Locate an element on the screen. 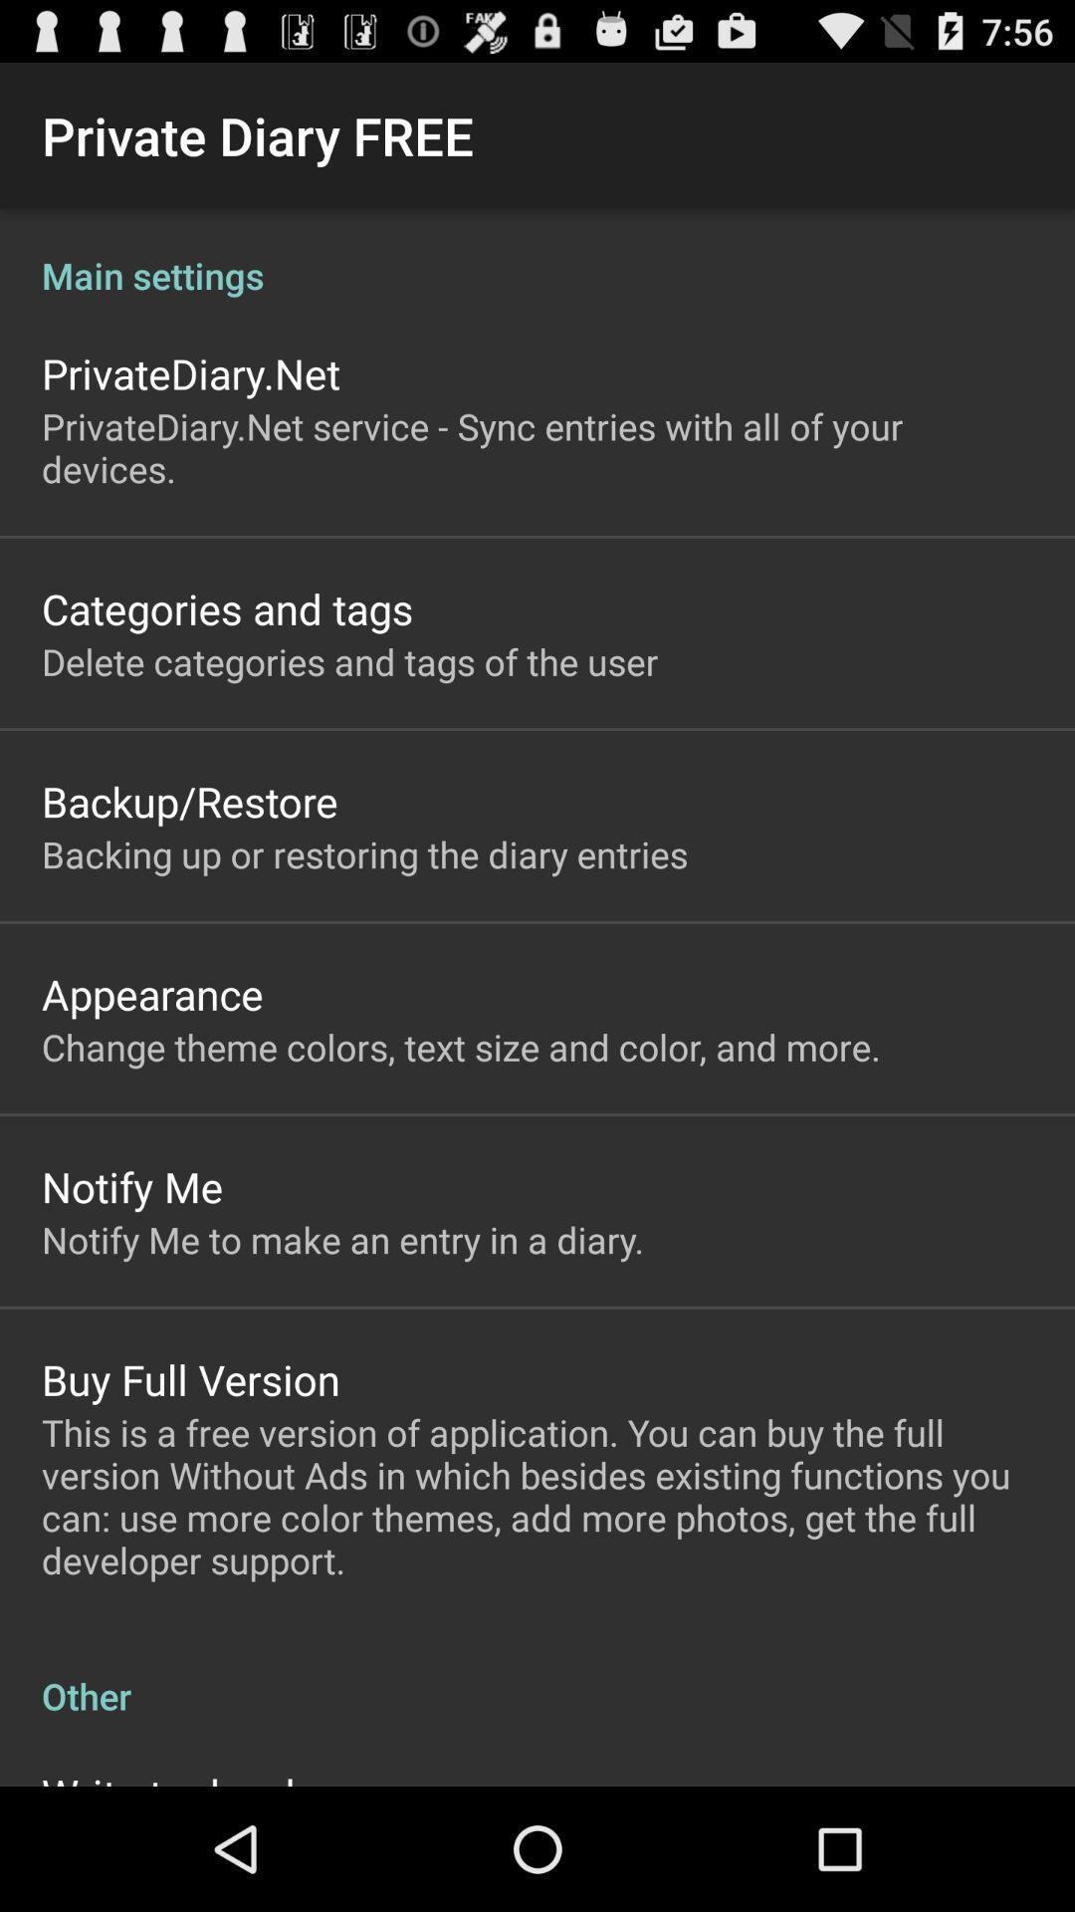  app above other app is located at coordinates (537, 1496).